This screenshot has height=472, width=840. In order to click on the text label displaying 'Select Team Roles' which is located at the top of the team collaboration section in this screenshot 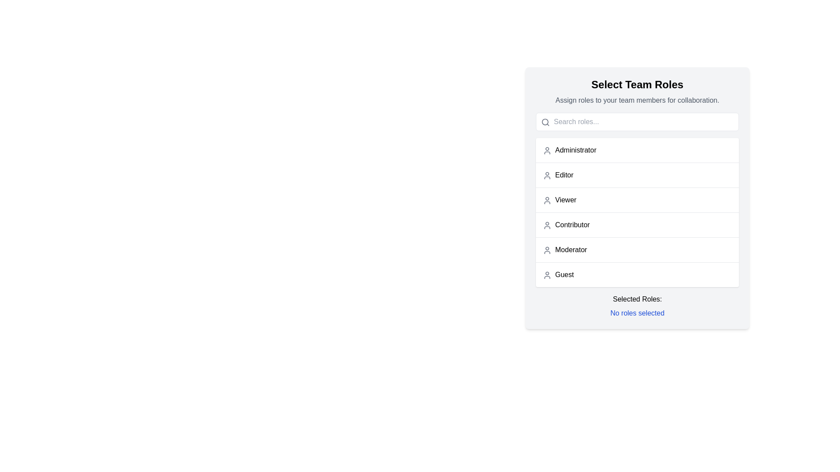, I will do `click(637, 84)`.